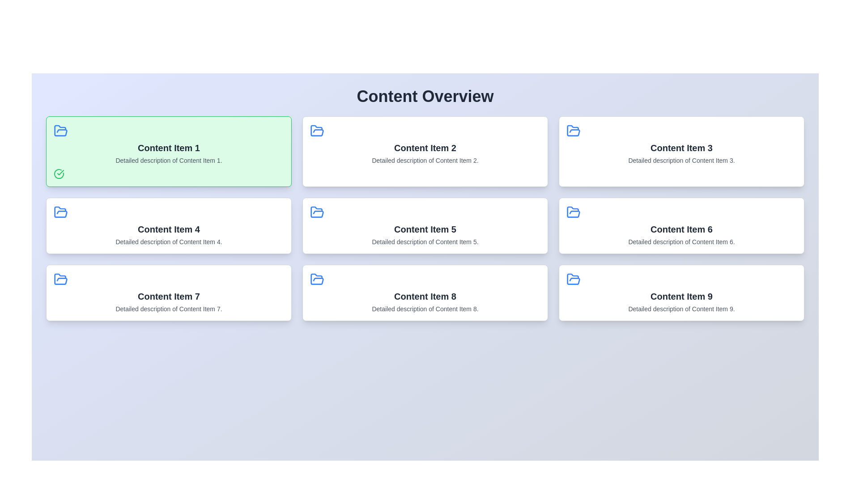 The height and width of the screenshot is (483, 859). What do you see at coordinates (169, 241) in the screenshot?
I see `descriptive text block located below the title 'Content Item 4' in the fourth card of the grid layout` at bounding box center [169, 241].